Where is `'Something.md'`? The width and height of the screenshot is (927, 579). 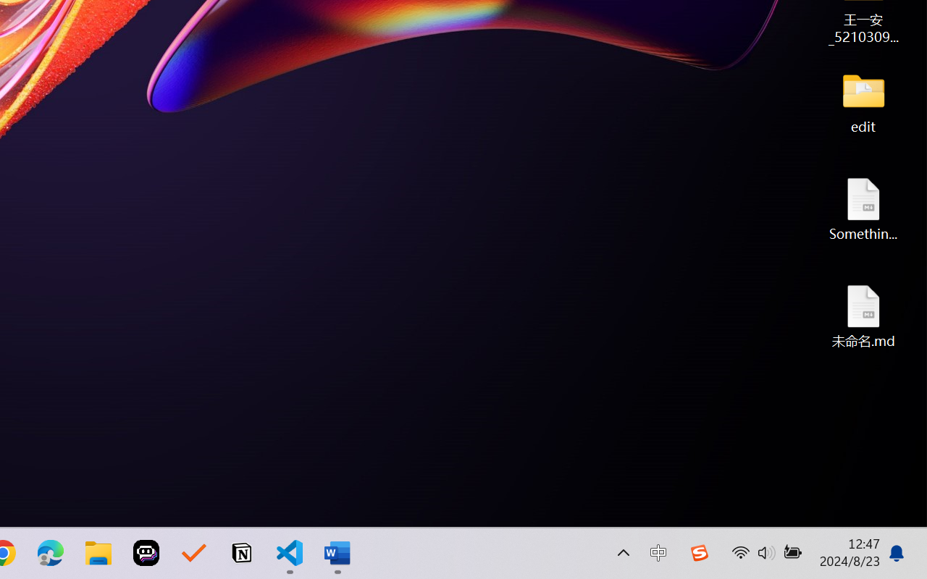
'Something.md' is located at coordinates (863, 208).